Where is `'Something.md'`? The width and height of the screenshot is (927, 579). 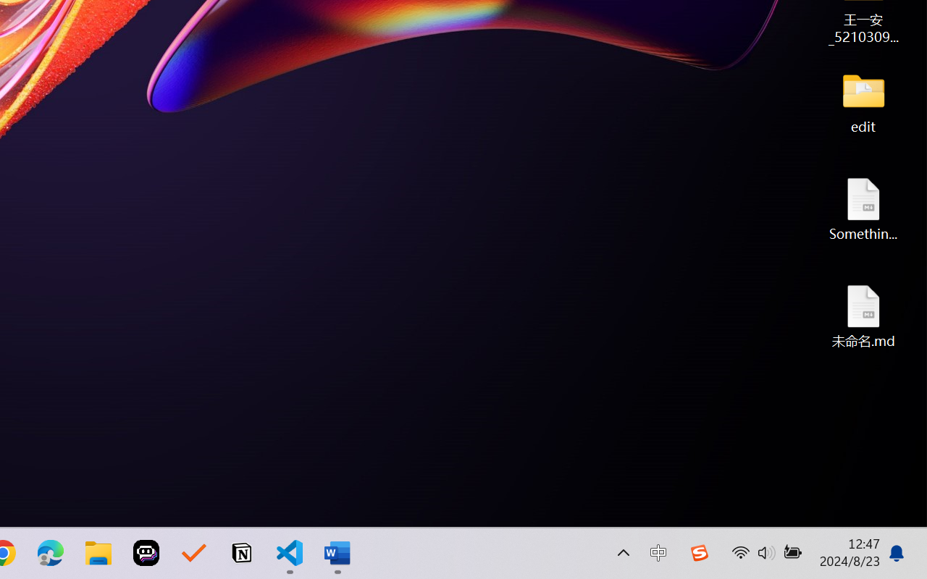
'Something.md' is located at coordinates (863, 208).